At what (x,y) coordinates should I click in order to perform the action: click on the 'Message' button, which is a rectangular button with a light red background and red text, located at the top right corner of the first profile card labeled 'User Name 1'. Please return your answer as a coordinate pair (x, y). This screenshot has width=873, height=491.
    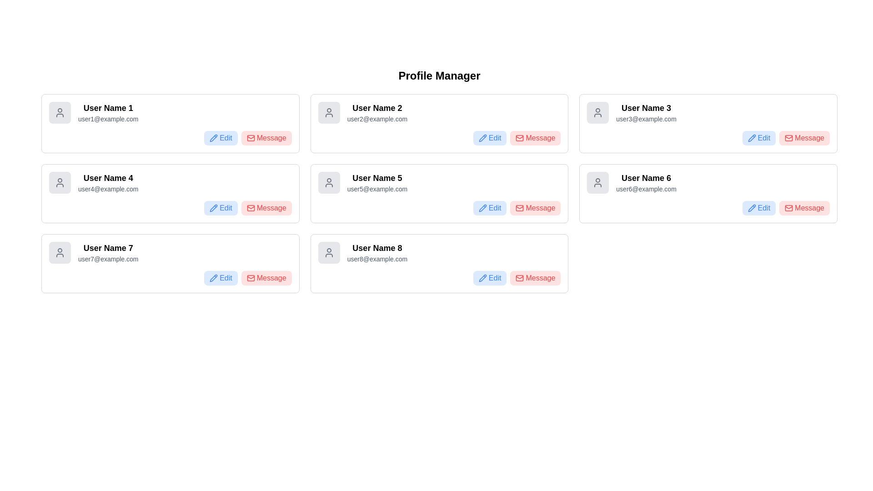
    Looking at the image, I should click on (266, 138).